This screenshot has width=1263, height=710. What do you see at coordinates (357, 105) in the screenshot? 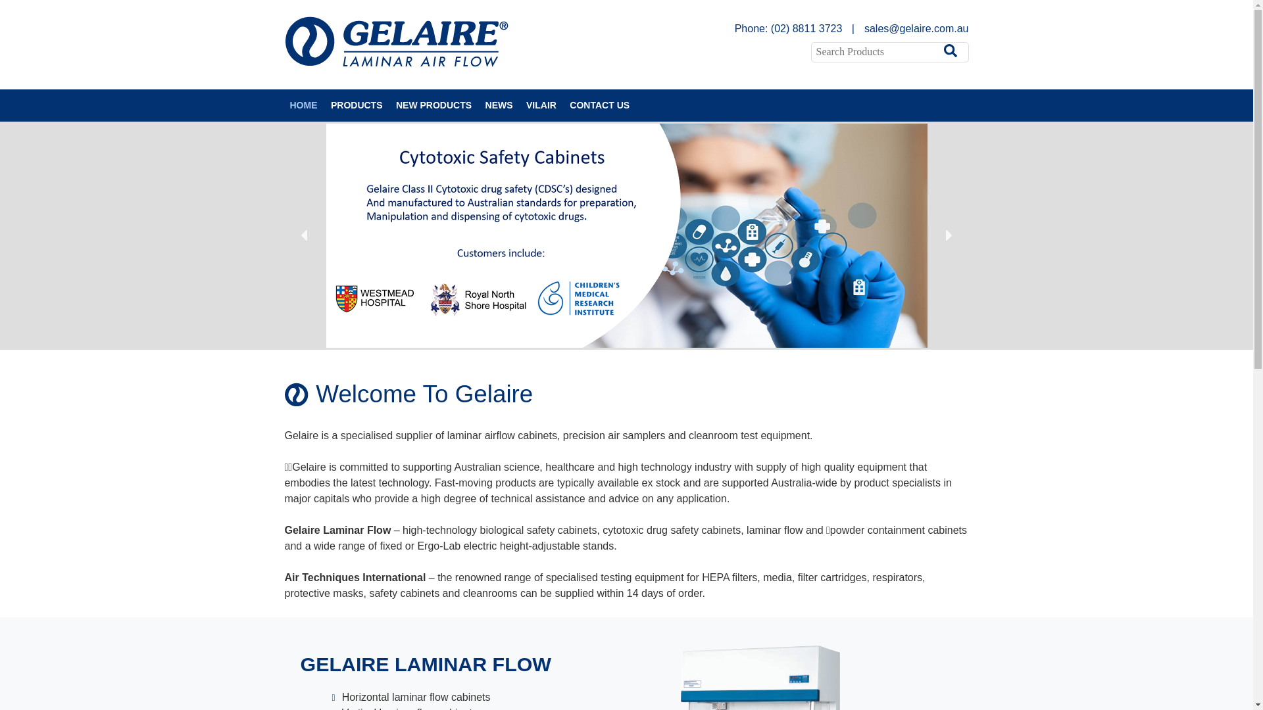
I see `'PRODUCTS'` at bounding box center [357, 105].